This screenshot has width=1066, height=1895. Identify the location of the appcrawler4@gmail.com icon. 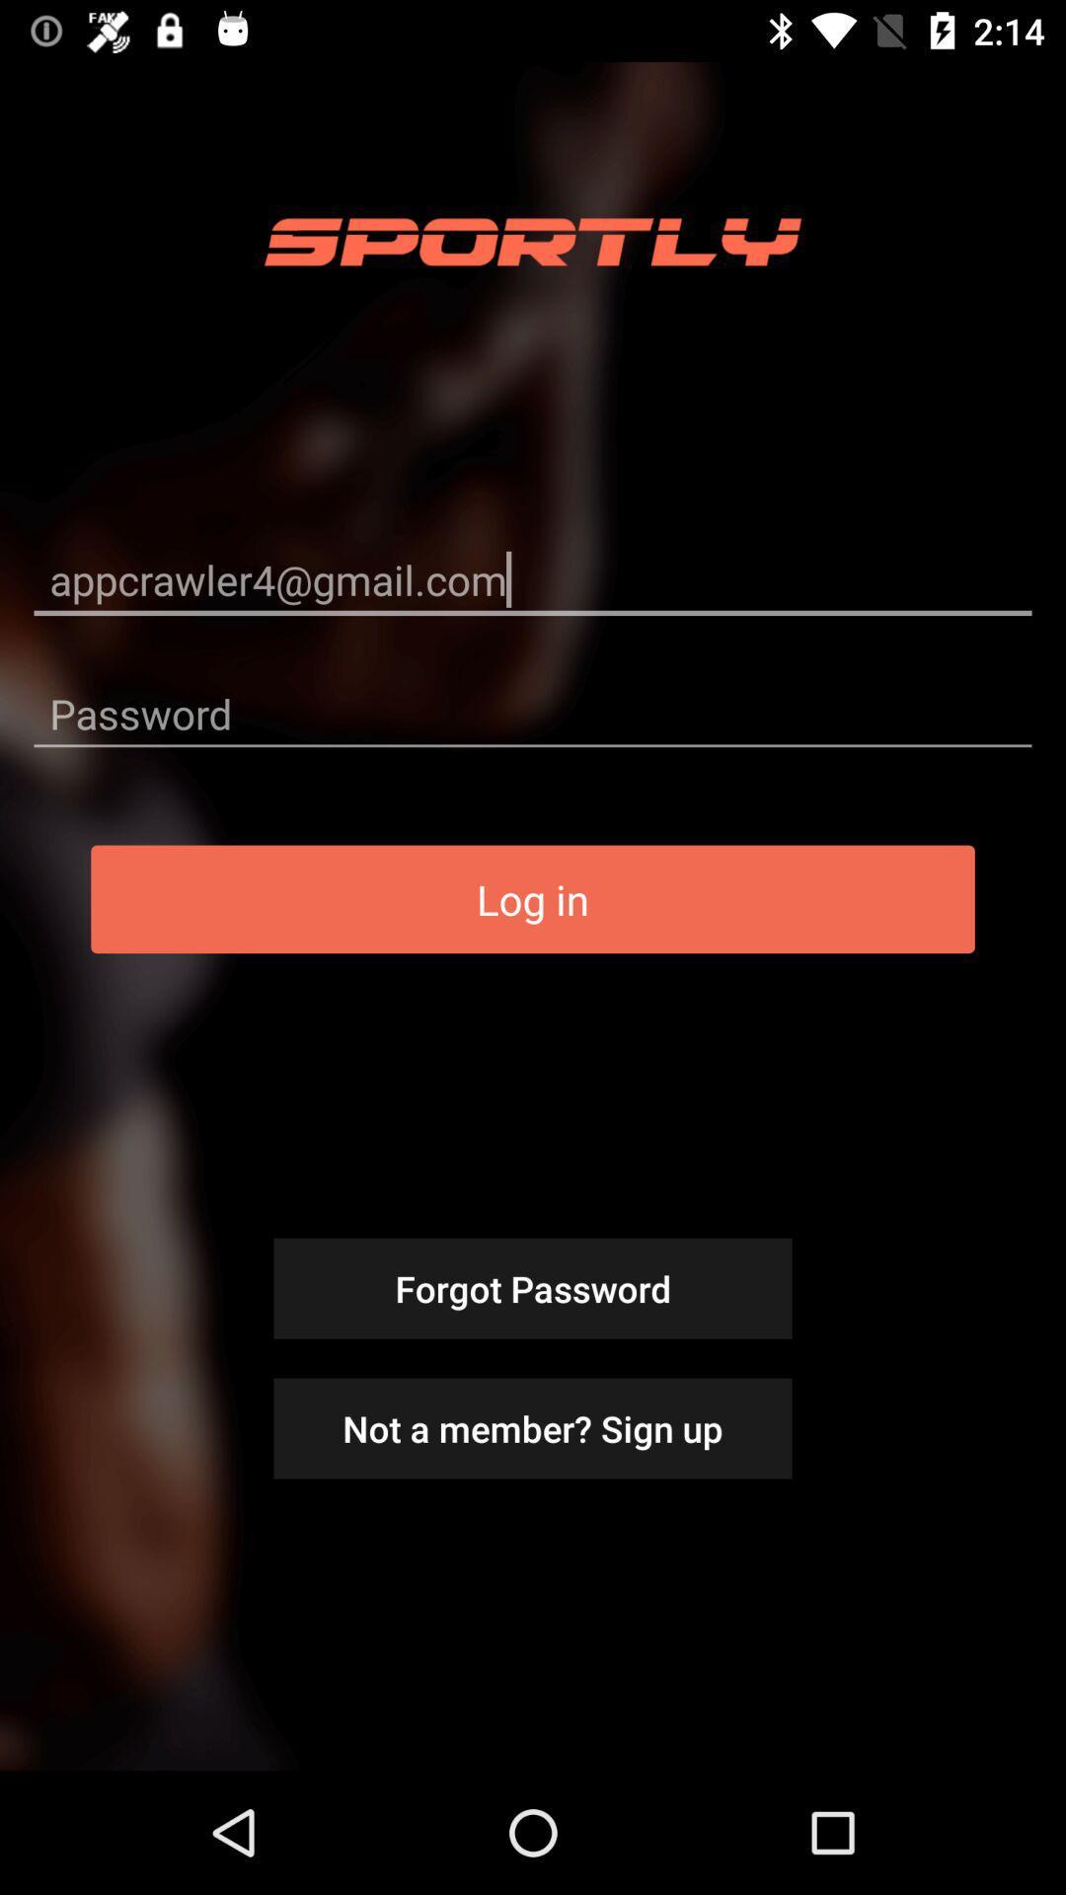
(533, 578).